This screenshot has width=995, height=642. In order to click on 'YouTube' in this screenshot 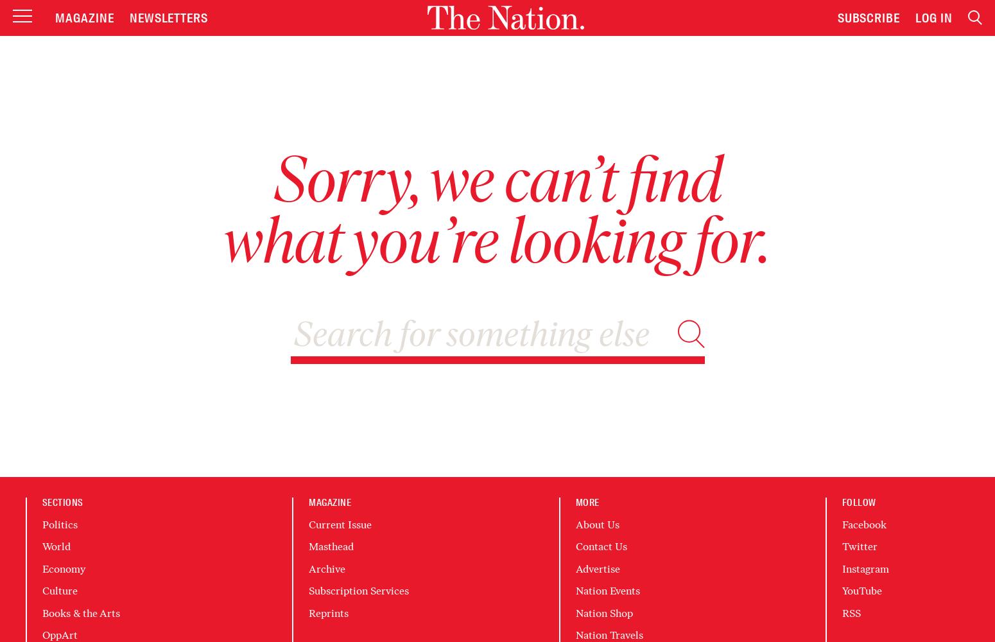, I will do `click(861, 591)`.